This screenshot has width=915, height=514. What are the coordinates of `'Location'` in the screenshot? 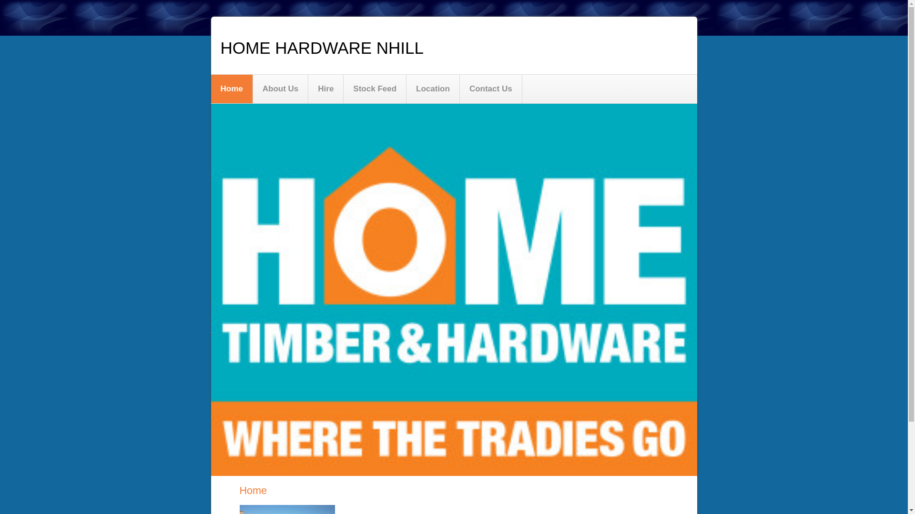 It's located at (432, 89).